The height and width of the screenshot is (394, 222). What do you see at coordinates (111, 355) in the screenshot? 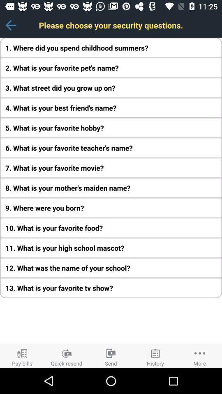
I see `the third icon which is at the bottom center` at bounding box center [111, 355].